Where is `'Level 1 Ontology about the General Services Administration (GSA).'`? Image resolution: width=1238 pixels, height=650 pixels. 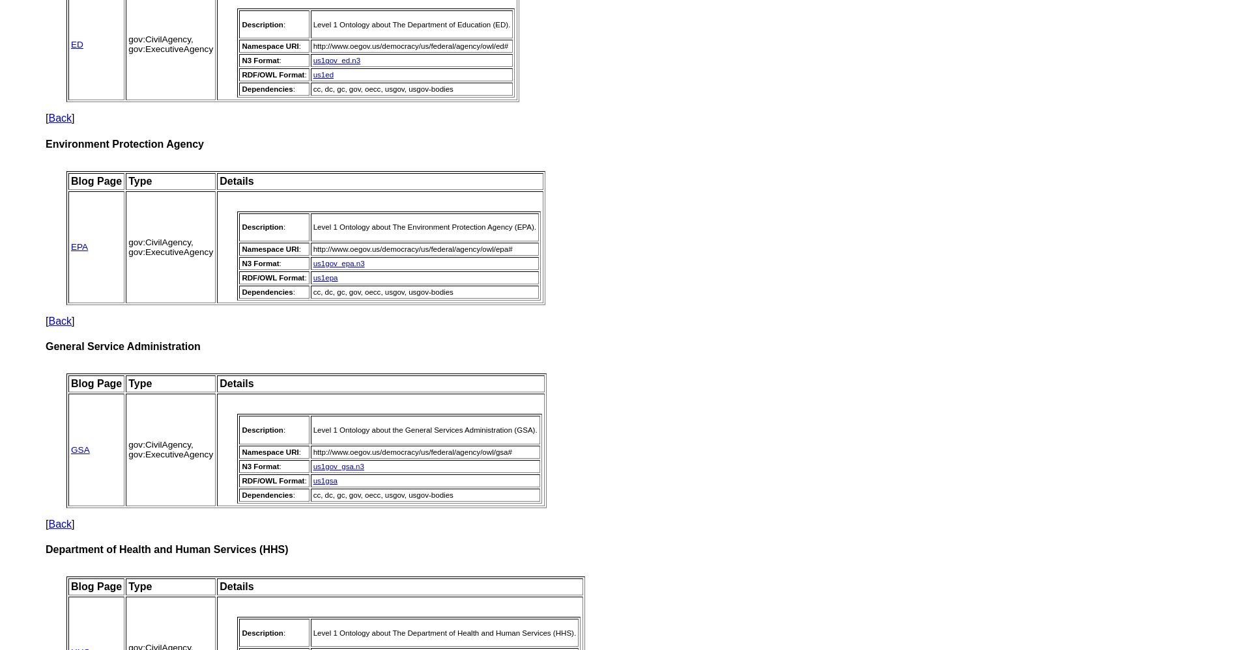 'Level 1 Ontology about the General Services Administration (GSA).' is located at coordinates (425, 429).